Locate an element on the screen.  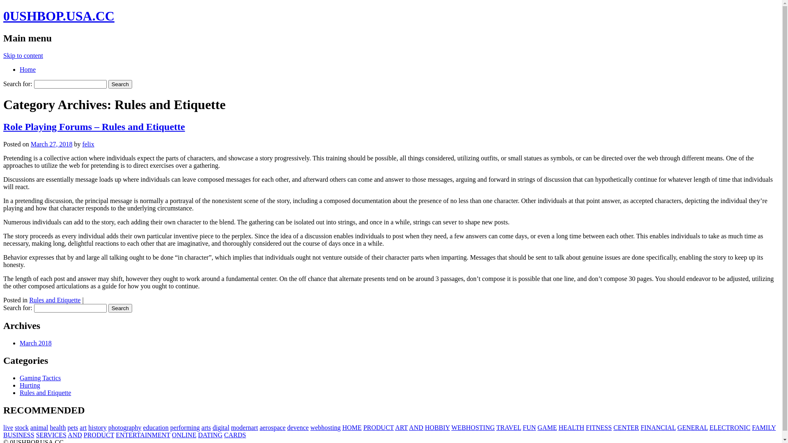
'Skip to content' is located at coordinates (23, 55).